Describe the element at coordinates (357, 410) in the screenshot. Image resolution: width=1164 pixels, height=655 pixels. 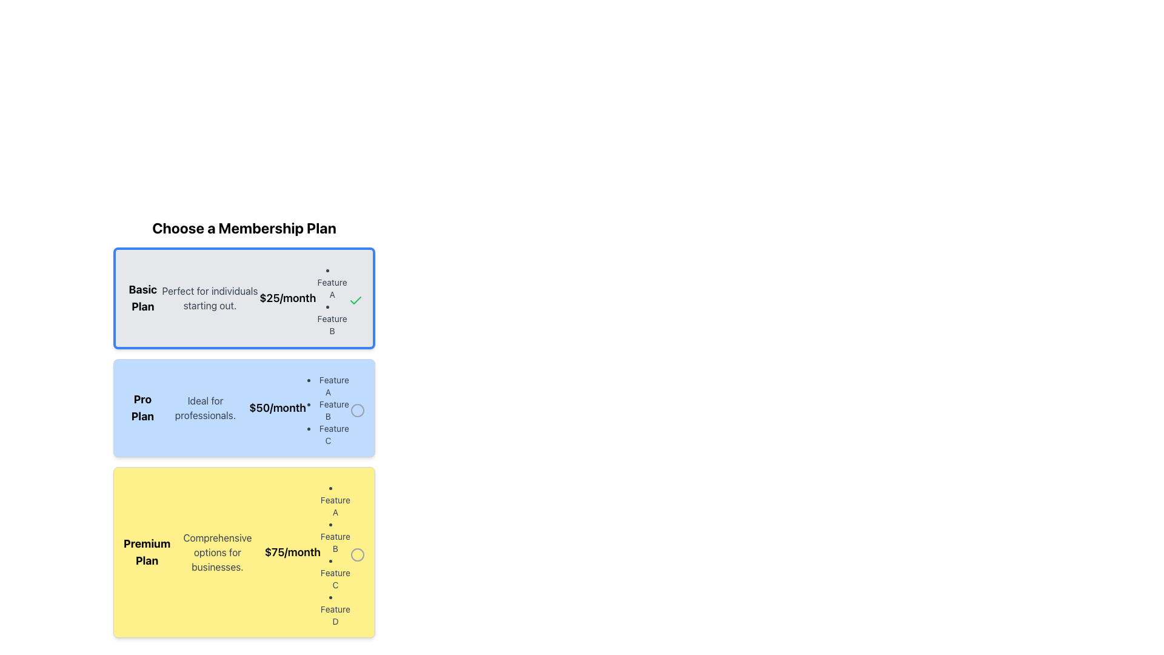
I see `the small circular icon with a gray outline and a transparent center, located next to the bullet point labeled 'Feature B' in the blue background Pro Plan card` at that location.